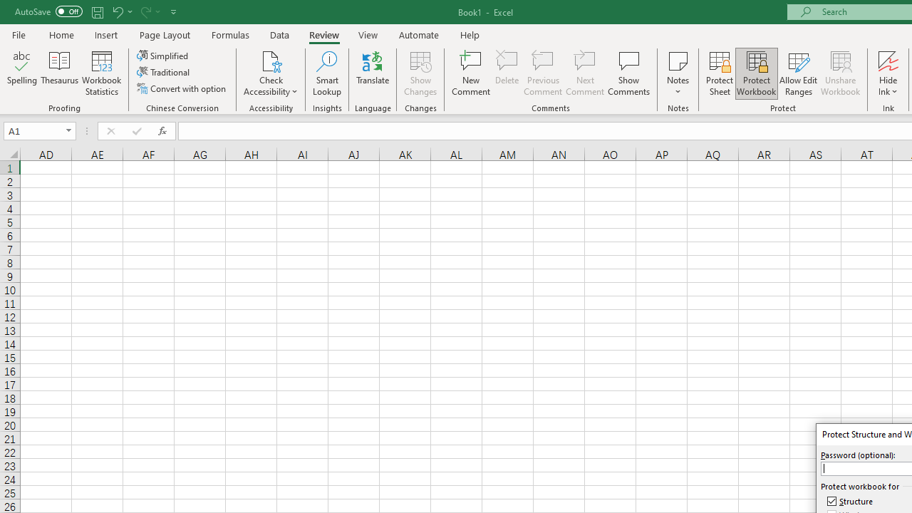  I want to click on 'Hide Ink', so click(888, 73).